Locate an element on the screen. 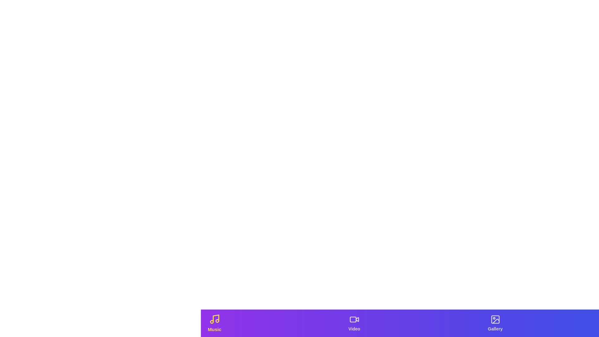  the Music tab from the navigation bar is located at coordinates (214, 323).